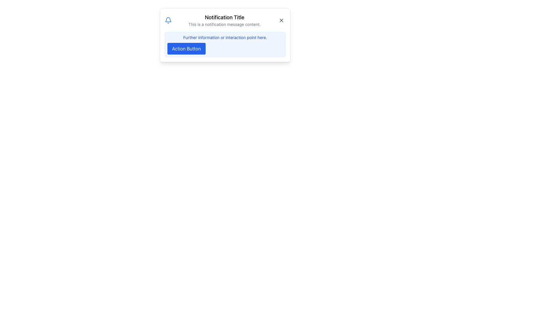 The width and height of the screenshot is (560, 315). Describe the element at coordinates (225, 20) in the screenshot. I see `the Notification Header which includes a bell icon, bold title 'Notification Title', descriptive text, and an 'X' close button` at that location.